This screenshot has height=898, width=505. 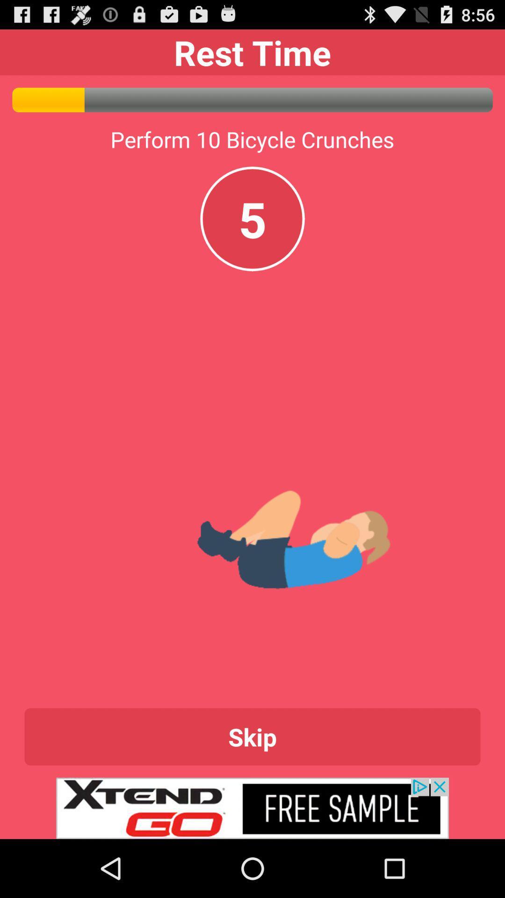 I want to click on advertisement, so click(x=252, y=808).